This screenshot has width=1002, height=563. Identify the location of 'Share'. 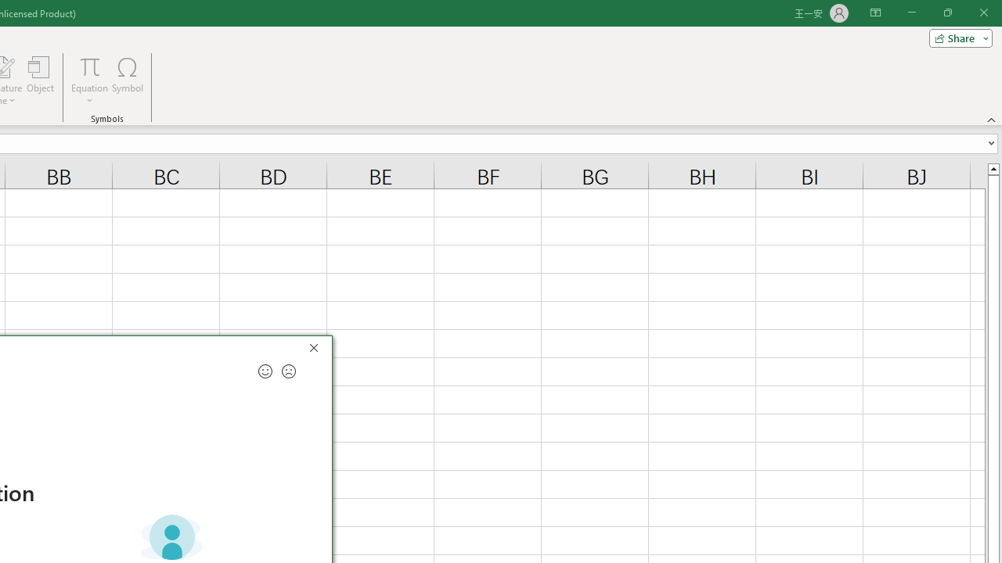
(957, 37).